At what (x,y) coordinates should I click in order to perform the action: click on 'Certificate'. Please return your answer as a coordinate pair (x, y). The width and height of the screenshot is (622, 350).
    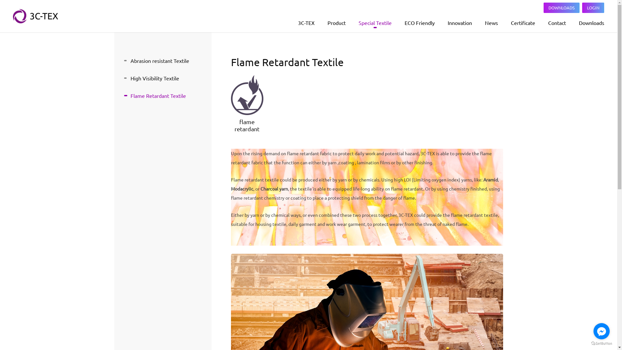
    Looking at the image, I should click on (523, 22).